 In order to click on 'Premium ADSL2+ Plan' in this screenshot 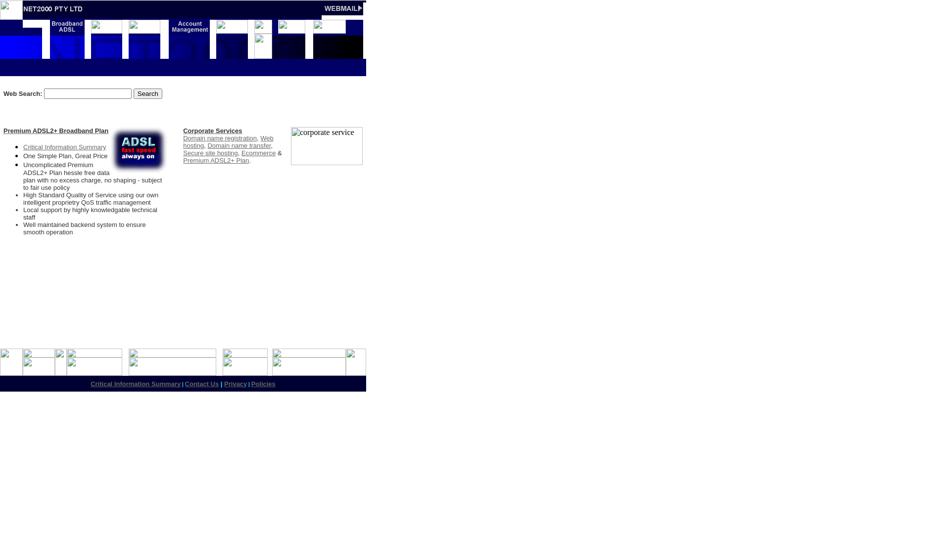, I will do `click(215, 160)`.